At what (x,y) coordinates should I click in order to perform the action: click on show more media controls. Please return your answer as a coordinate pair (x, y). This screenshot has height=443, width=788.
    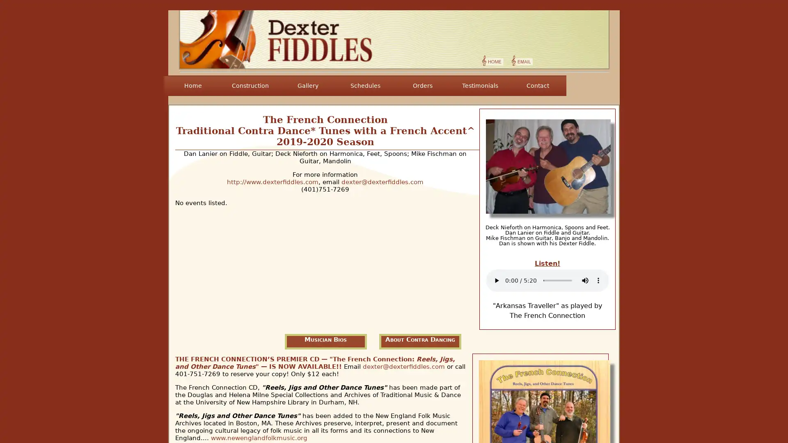
    Looking at the image, I should click on (598, 279).